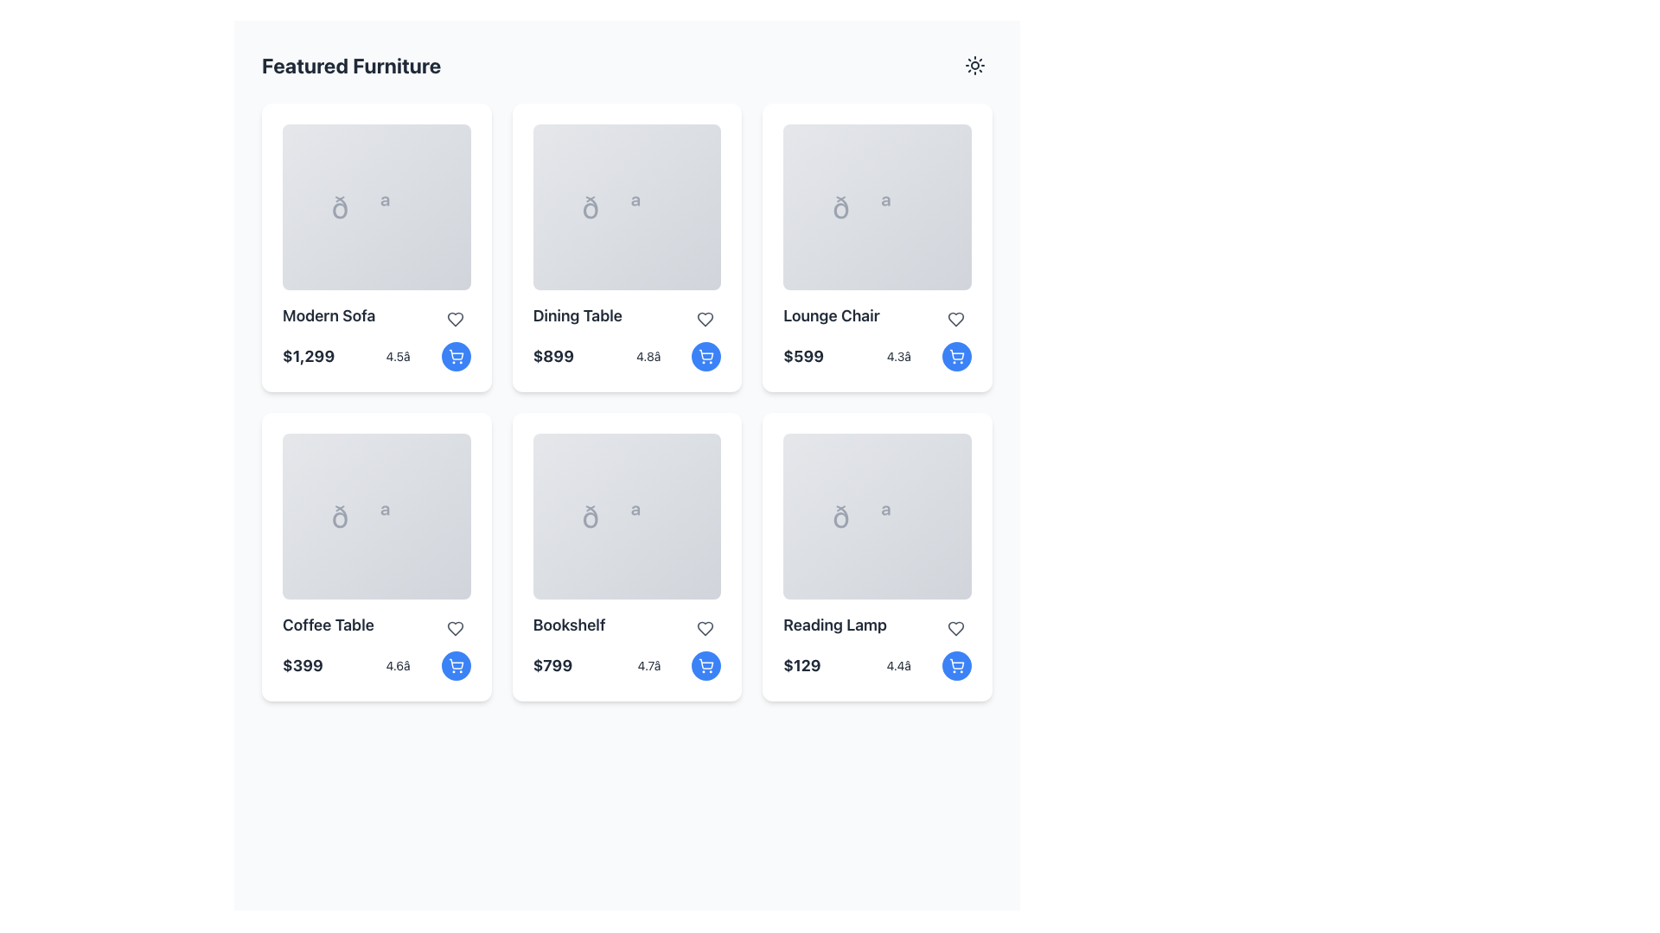  Describe the element at coordinates (831, 316) in the screenshot. I see `the static text label displaying 'Lounge Chair' located in the third product card of the top row in a grid layout` at that location.